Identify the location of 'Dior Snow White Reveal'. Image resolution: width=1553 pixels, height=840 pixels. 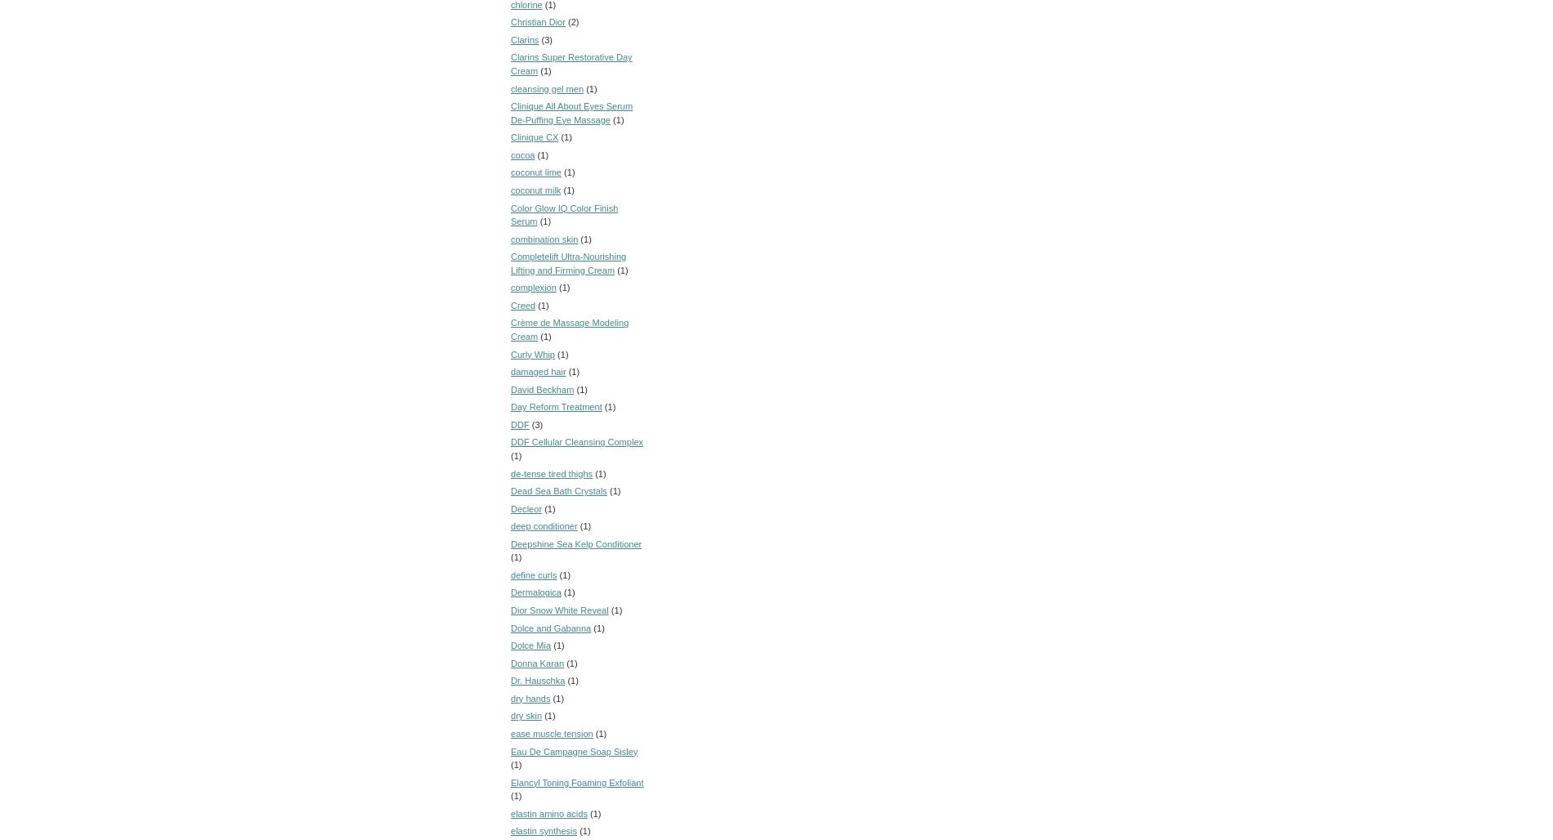
(510, 610).